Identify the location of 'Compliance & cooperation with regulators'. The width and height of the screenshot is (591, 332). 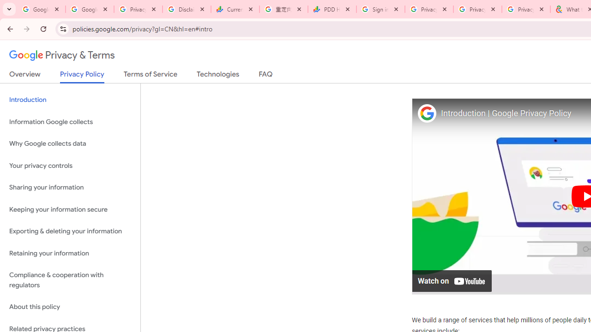
(70, 280).